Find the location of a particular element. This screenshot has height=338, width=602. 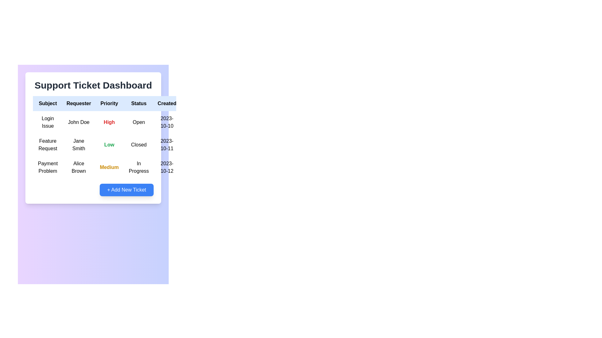

the Plain text element displaying 'In Progress' in the 'Status' column of the 'Payment Problem' row for requester 'Alice Brown' is located at coordinates (138, 167).